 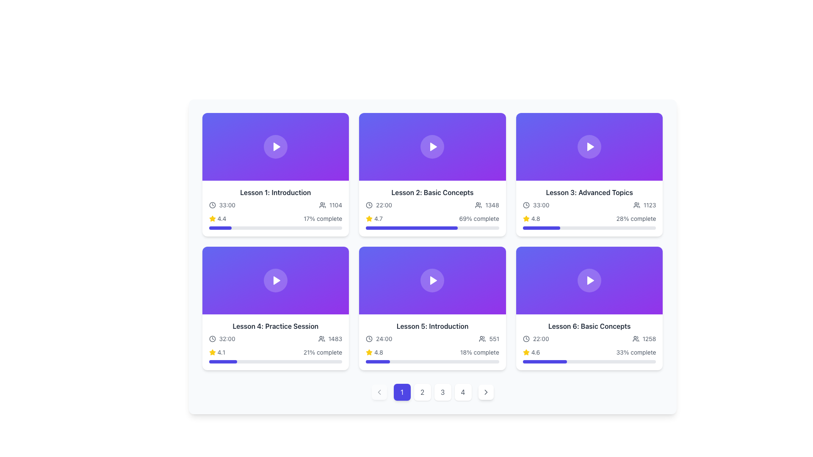 What do you see at coordinates (222, 339) in the screenshot?
I see `the informational group displaying the duration of the session for 'Lesson 4: Practice Session', located at the bottom-left of the card, above the rating and progress bar` at bounding box center [222, 339].